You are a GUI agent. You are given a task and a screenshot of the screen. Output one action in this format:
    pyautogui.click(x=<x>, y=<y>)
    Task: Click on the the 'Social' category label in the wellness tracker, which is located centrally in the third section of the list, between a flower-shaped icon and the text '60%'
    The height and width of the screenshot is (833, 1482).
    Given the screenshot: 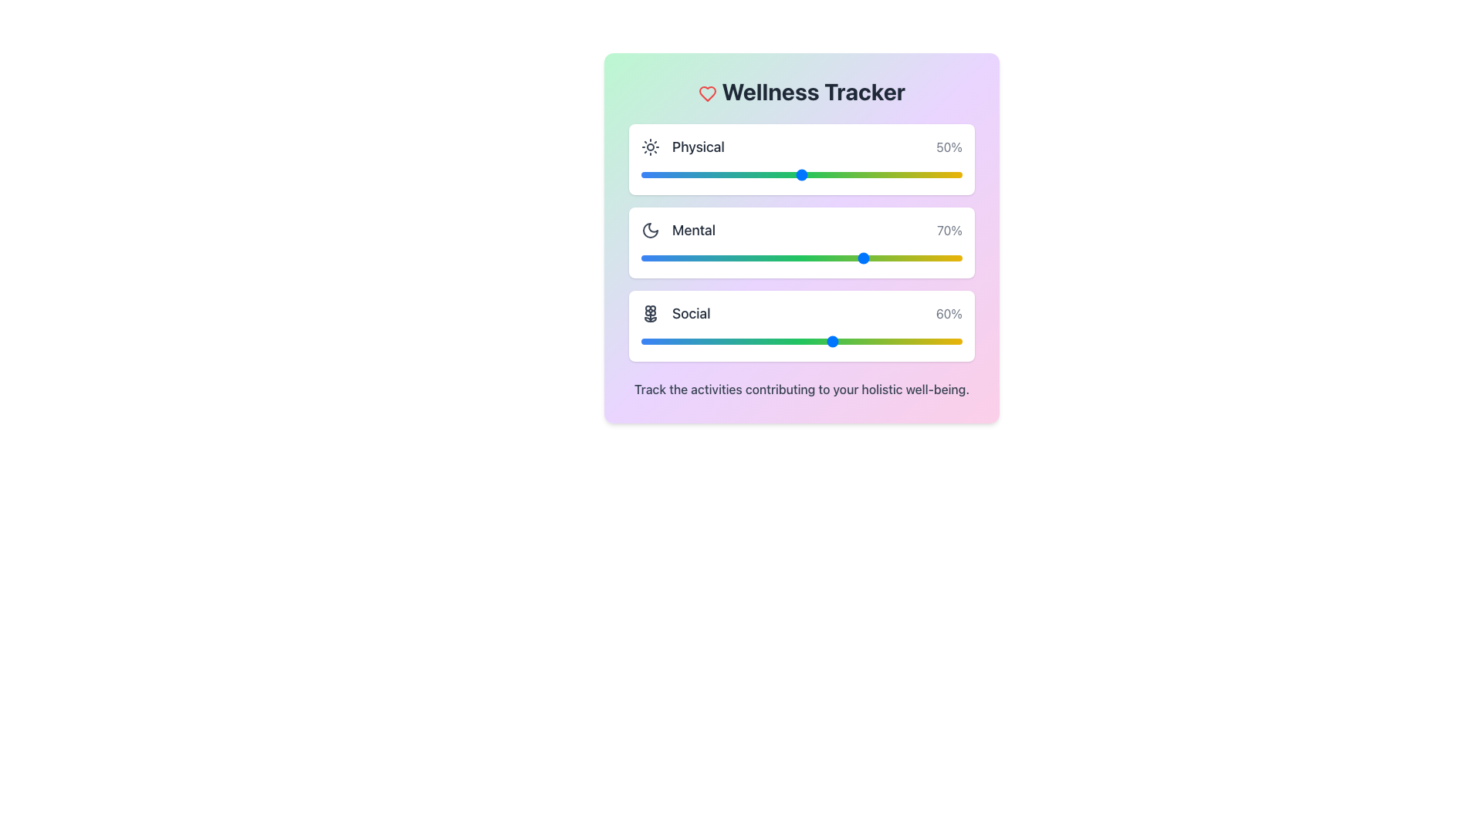 What is the action you would take?
    pyautogui.click(x=690, y=313)
    